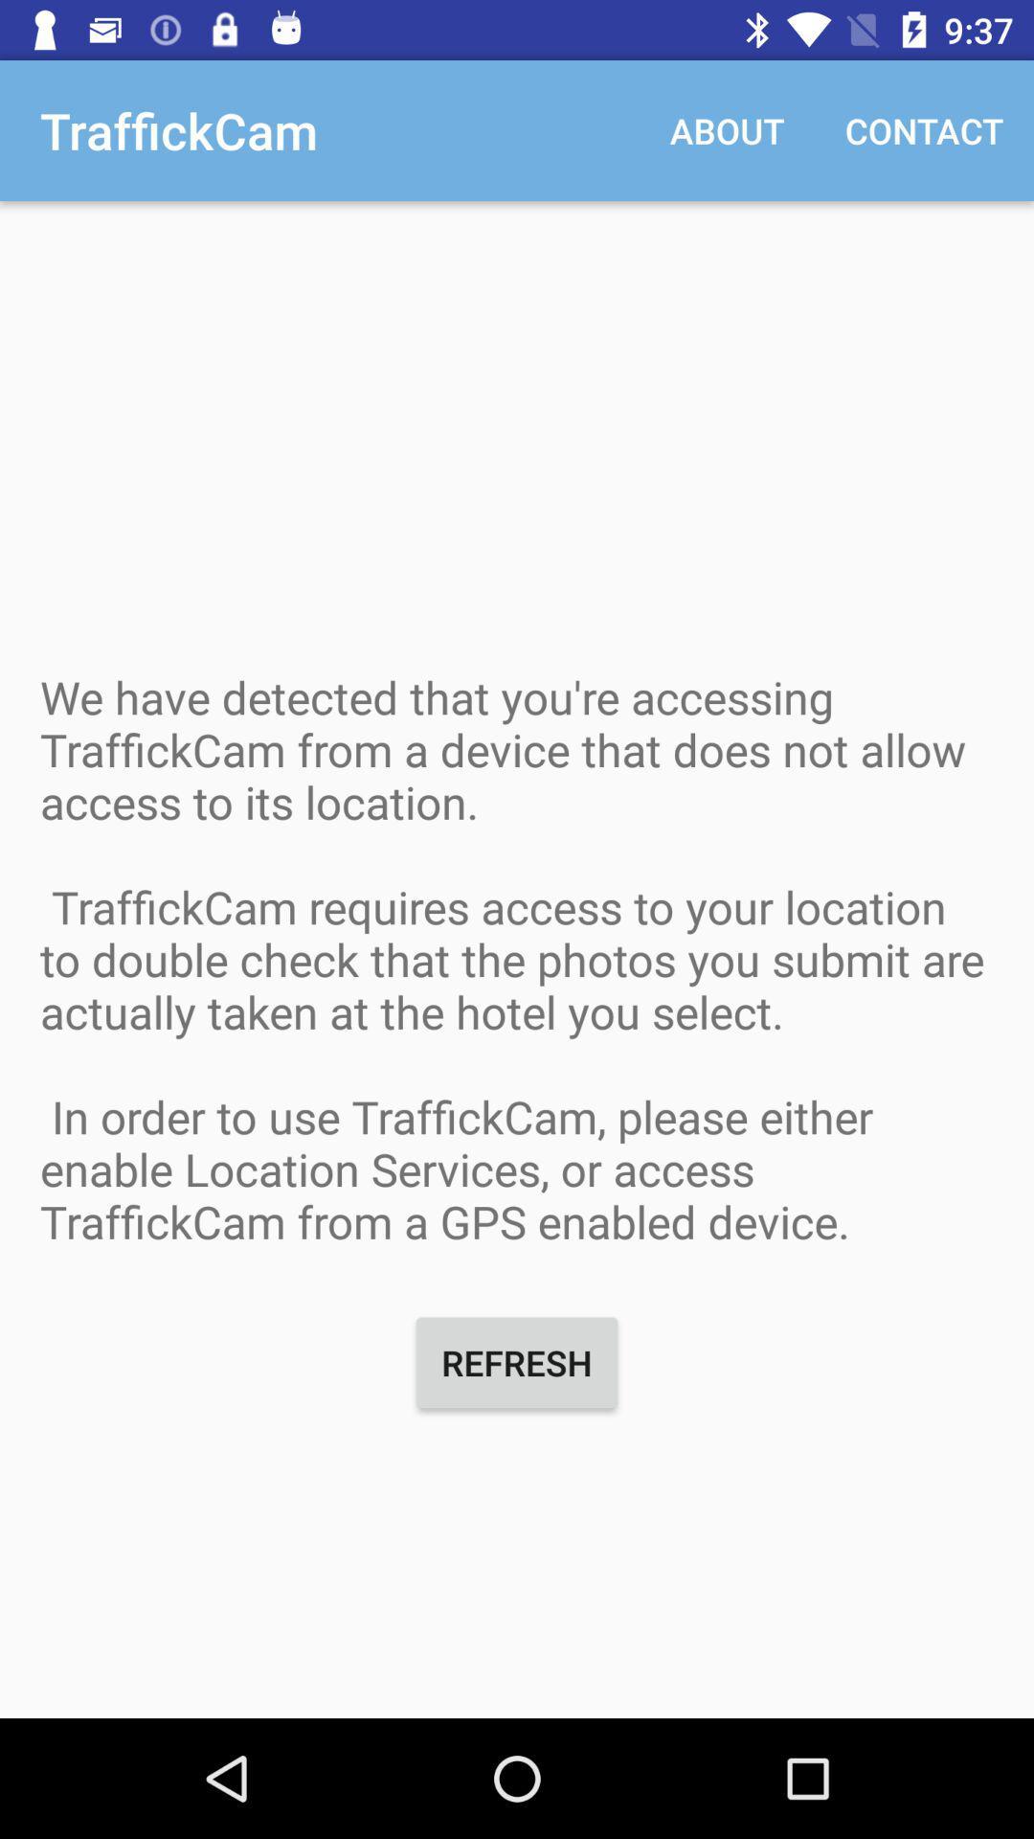 This screenshot has height=1839, width=1034. I want to click on the contact icon, so click(923, 129).